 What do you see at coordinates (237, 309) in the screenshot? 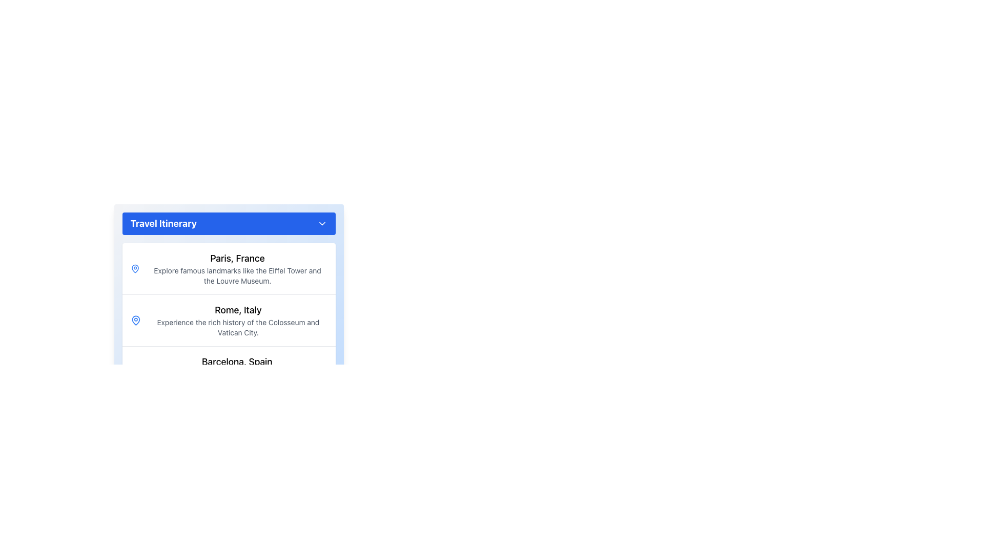
I see `text label identifying the travel destination 'Rome, Italy', which is the second entry in the travel itinerary list` at bounding box center [237, 309].